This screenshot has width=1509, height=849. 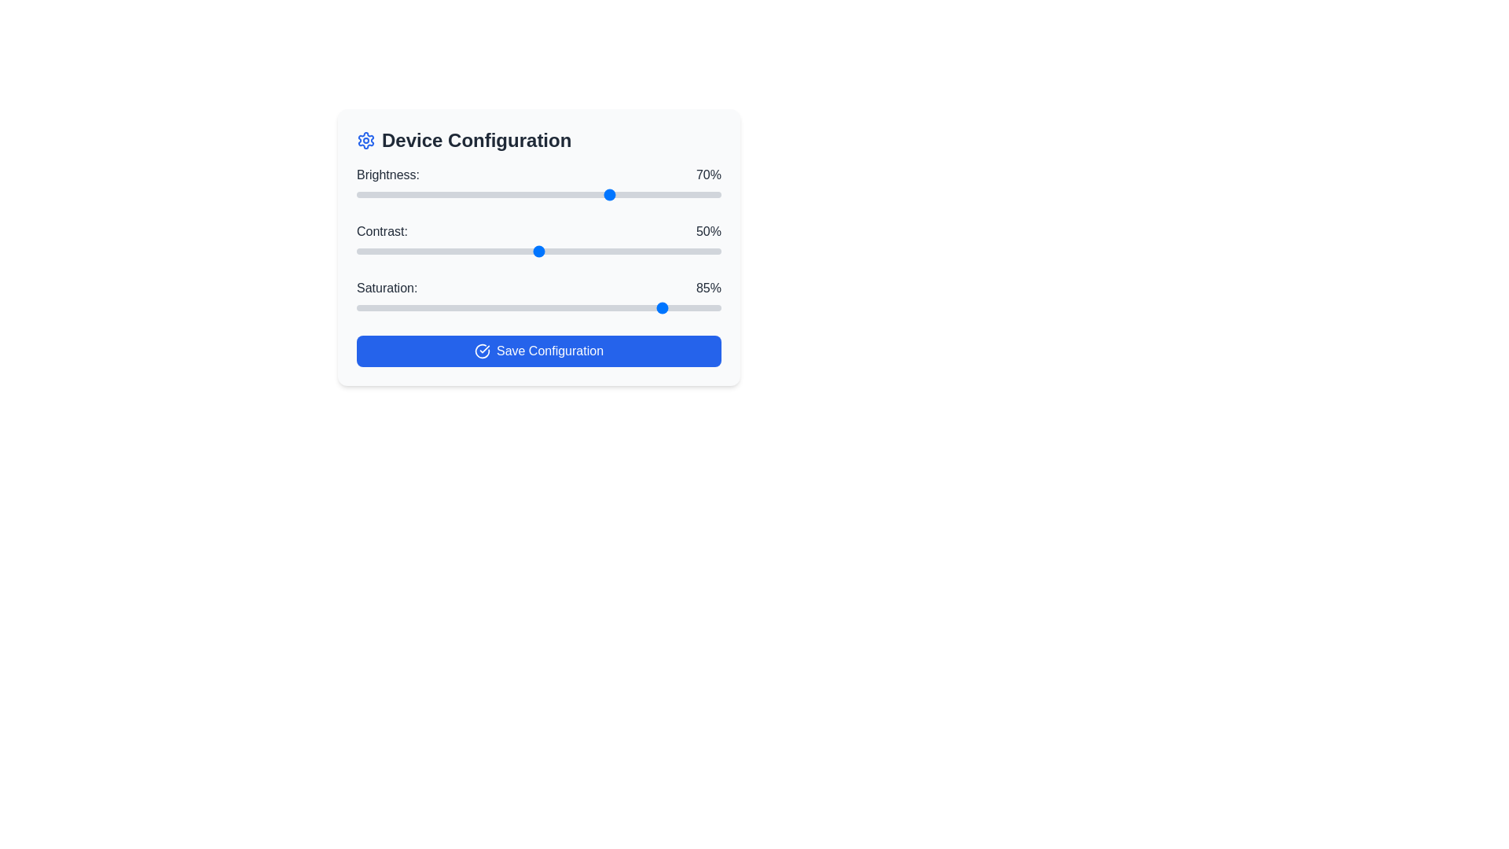 What do you see at coordinates (482, 351) in the screenshot?
I see `the circular checkmark icon with a blue foreground inside the 'Save Configuration' button` at bounding box center [482, 351].